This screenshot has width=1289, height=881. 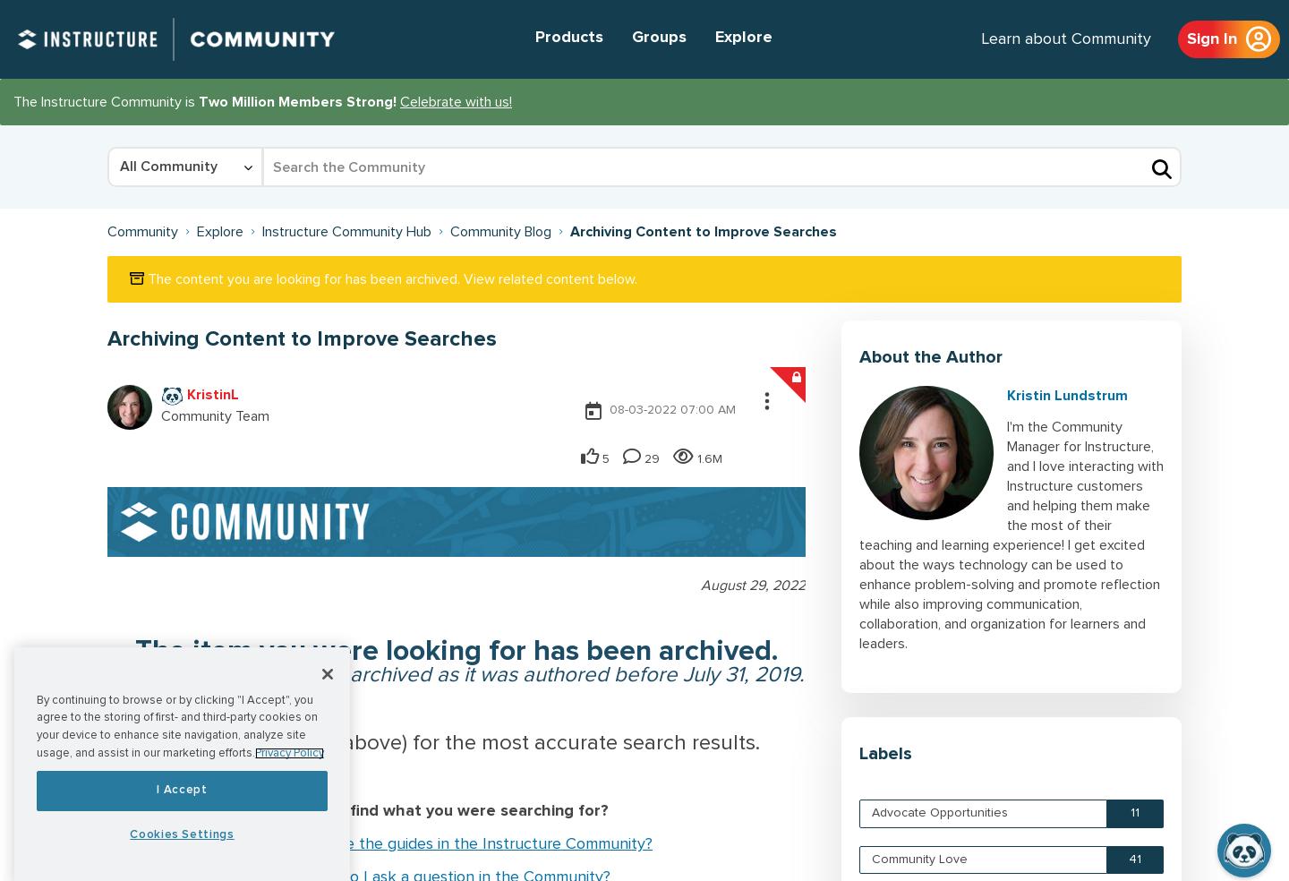 I want to click on 'The Instructure Community is', so click(x=12, y=101).